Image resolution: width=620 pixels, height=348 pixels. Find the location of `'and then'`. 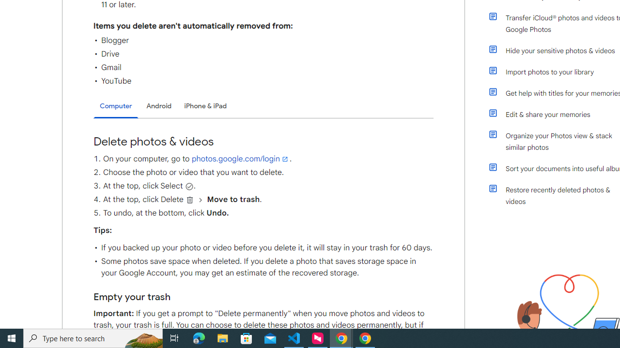

'and then' is located at coordinates (200, 199).